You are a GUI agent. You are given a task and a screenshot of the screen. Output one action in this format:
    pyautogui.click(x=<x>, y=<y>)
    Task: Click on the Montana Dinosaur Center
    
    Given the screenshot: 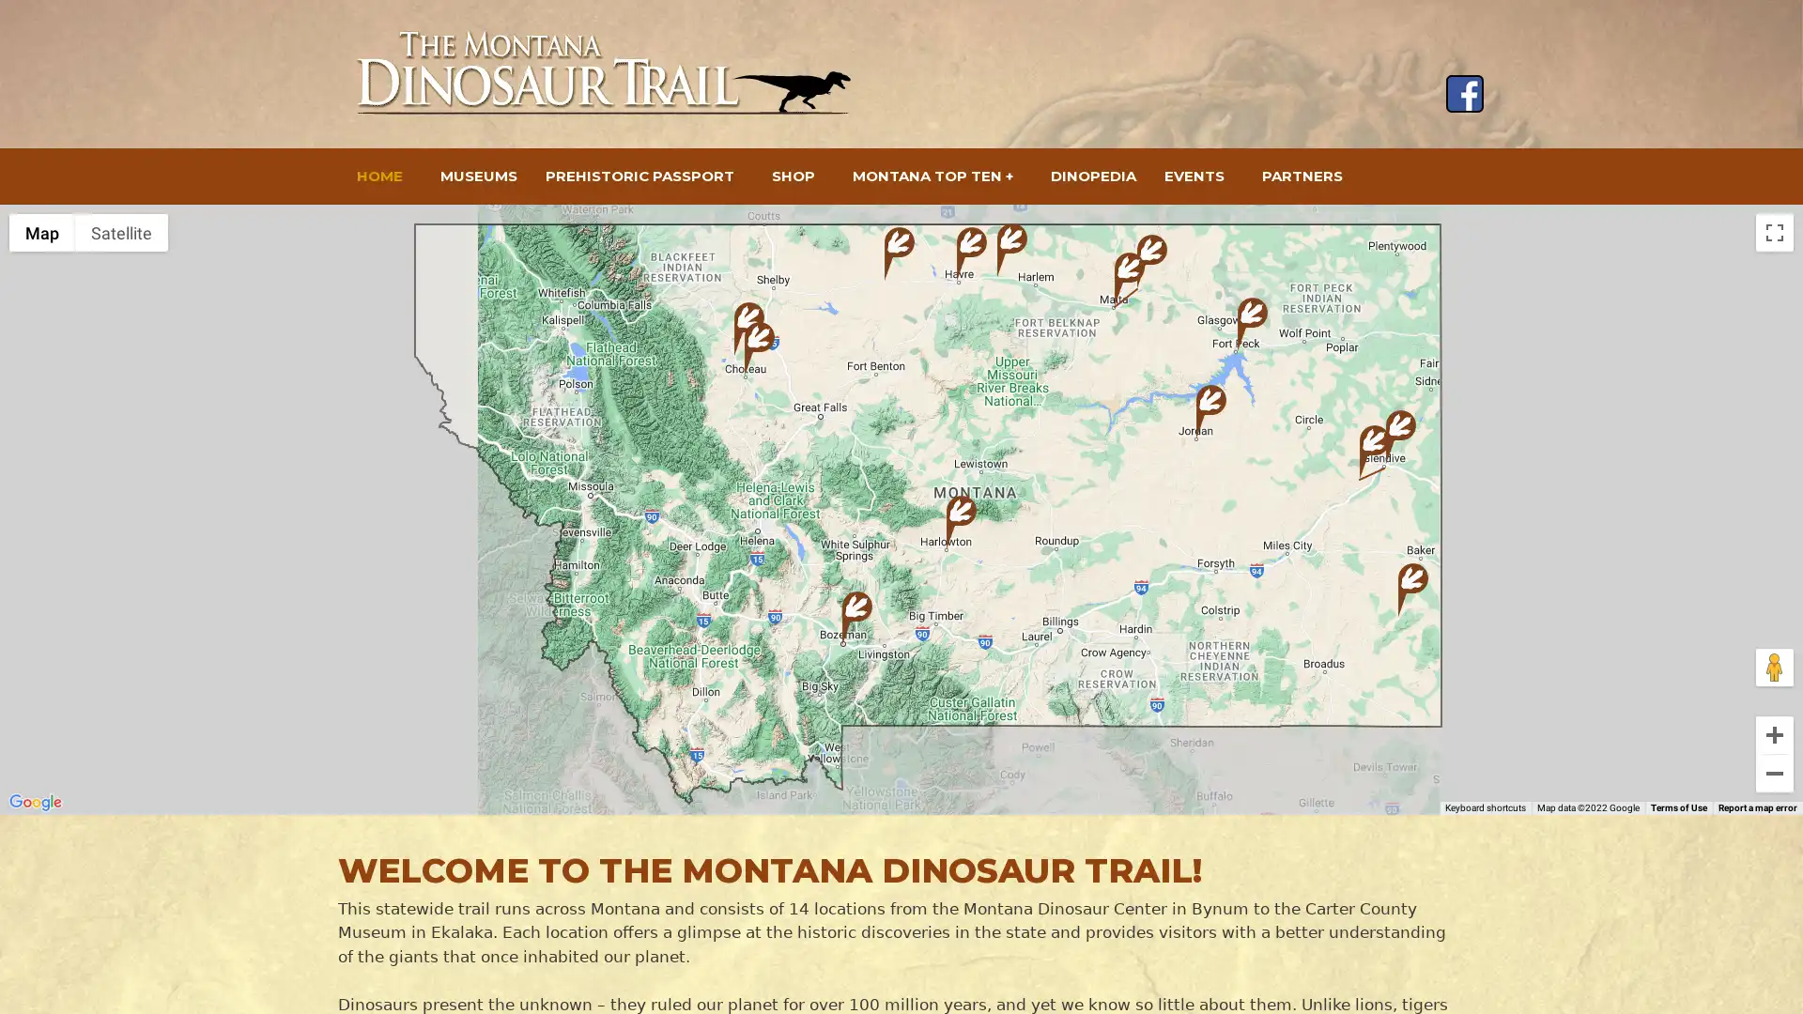 What is the action you would take?
    pyautogui.click(x=747, y=328)
    